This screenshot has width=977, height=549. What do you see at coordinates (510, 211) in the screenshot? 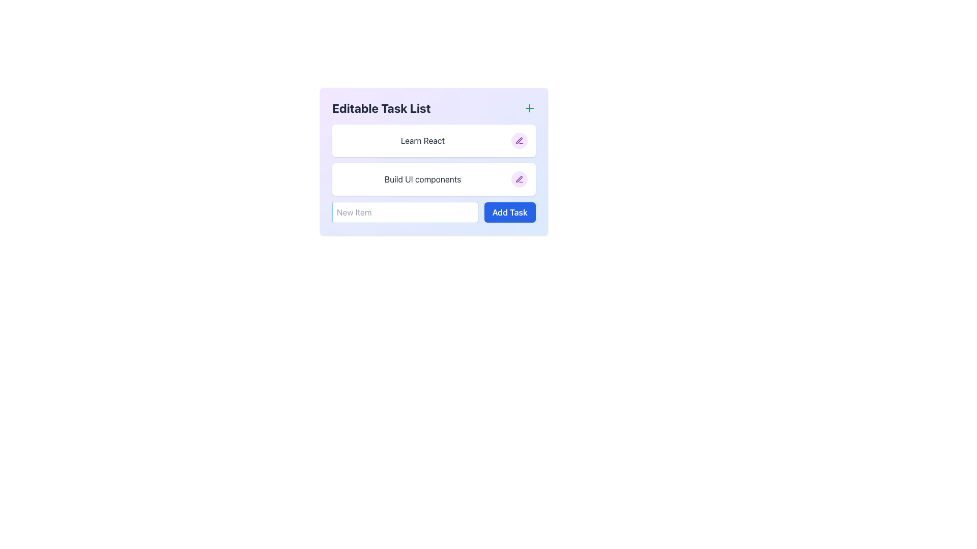
I see `the rectangular button with a blue background and bold white text labeled 'Add Task'` at bounding box center [510, 211].